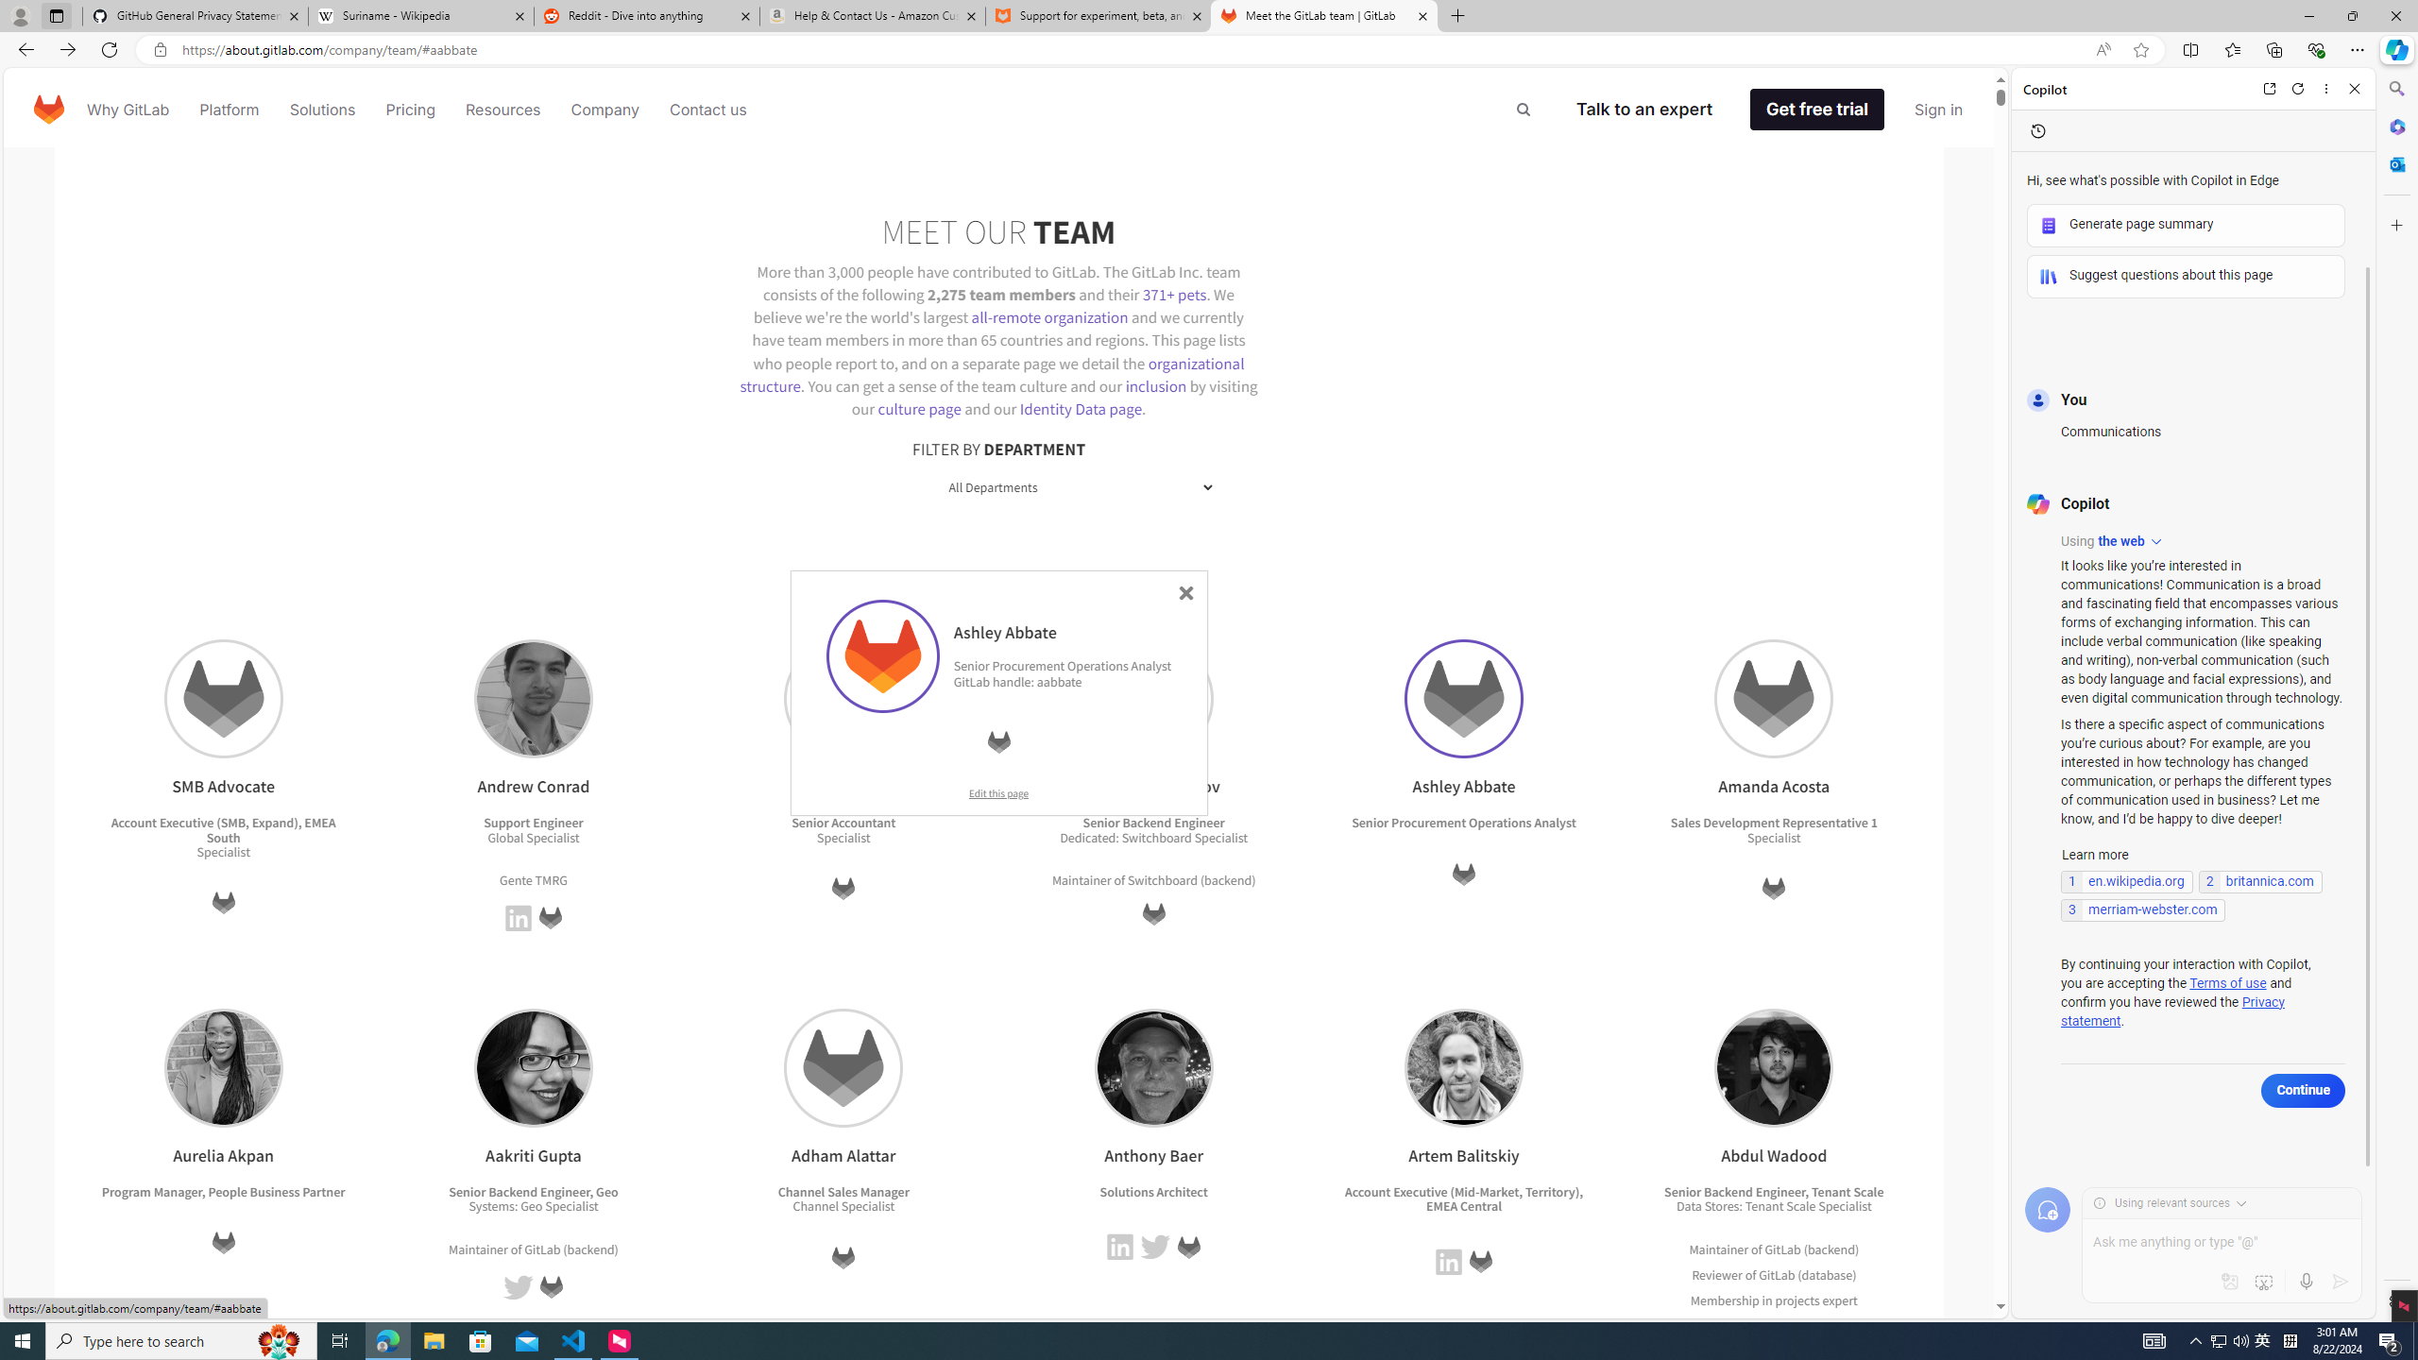  What do you see at coordinates (1733, 1190) in the screenshot?
I see `'Senior Backend Engineer'` at bounding box center [1733, 1190].